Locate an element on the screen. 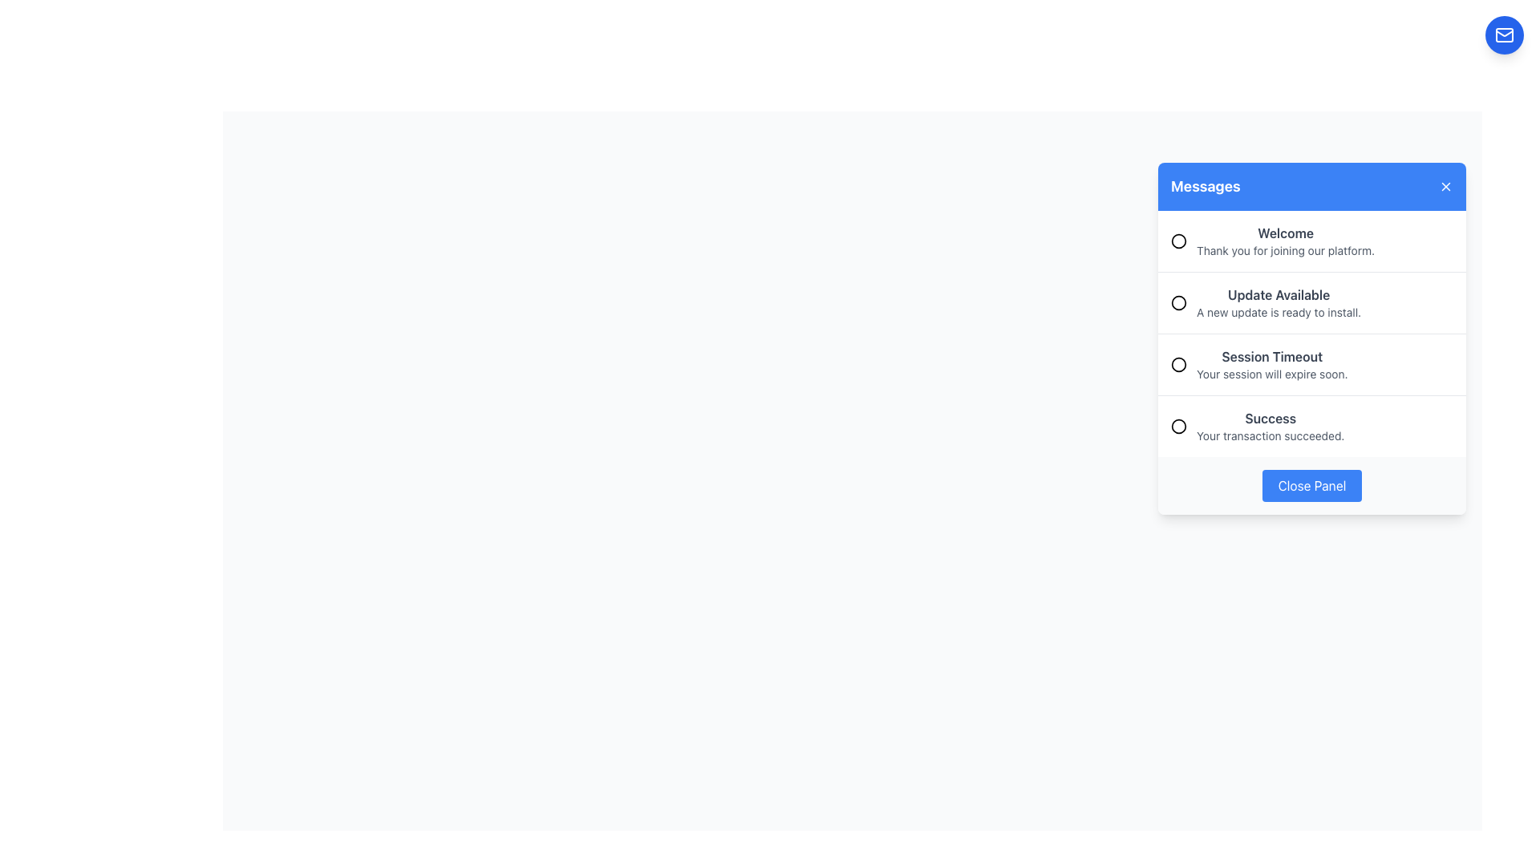  the text component displaying 'Success' and 'Your transaction succeeded.' located in the lower right portion of the interface under the heading 'Messages.' is located at coordinates (1270, 426).